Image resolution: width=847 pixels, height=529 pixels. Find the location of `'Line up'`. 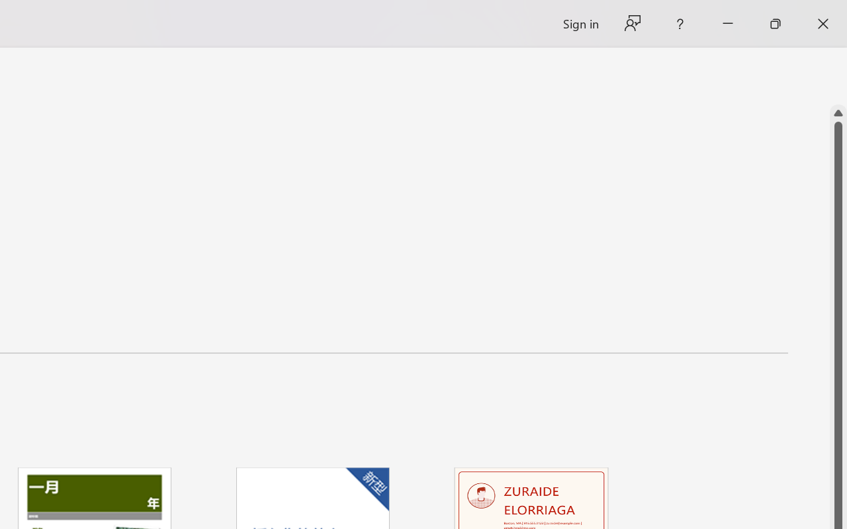

'Line up' is located at coordinates (838, 112).